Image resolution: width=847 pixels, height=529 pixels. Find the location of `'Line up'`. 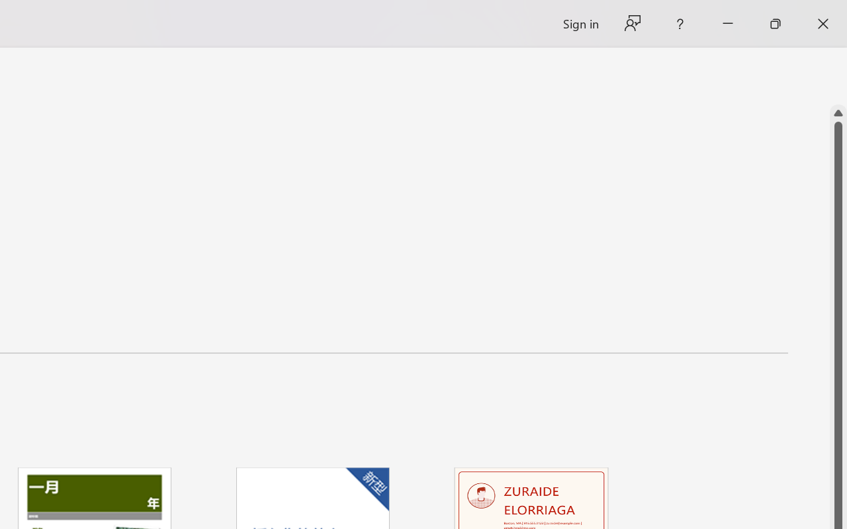

'Line up' is located at coordinates (838, 112).